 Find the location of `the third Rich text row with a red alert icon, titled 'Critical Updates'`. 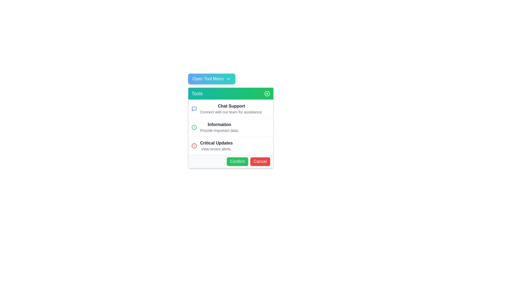

the third Rich text row with a red alert icon, titled 'Critical Updates' is located at coordinates (231, 146).